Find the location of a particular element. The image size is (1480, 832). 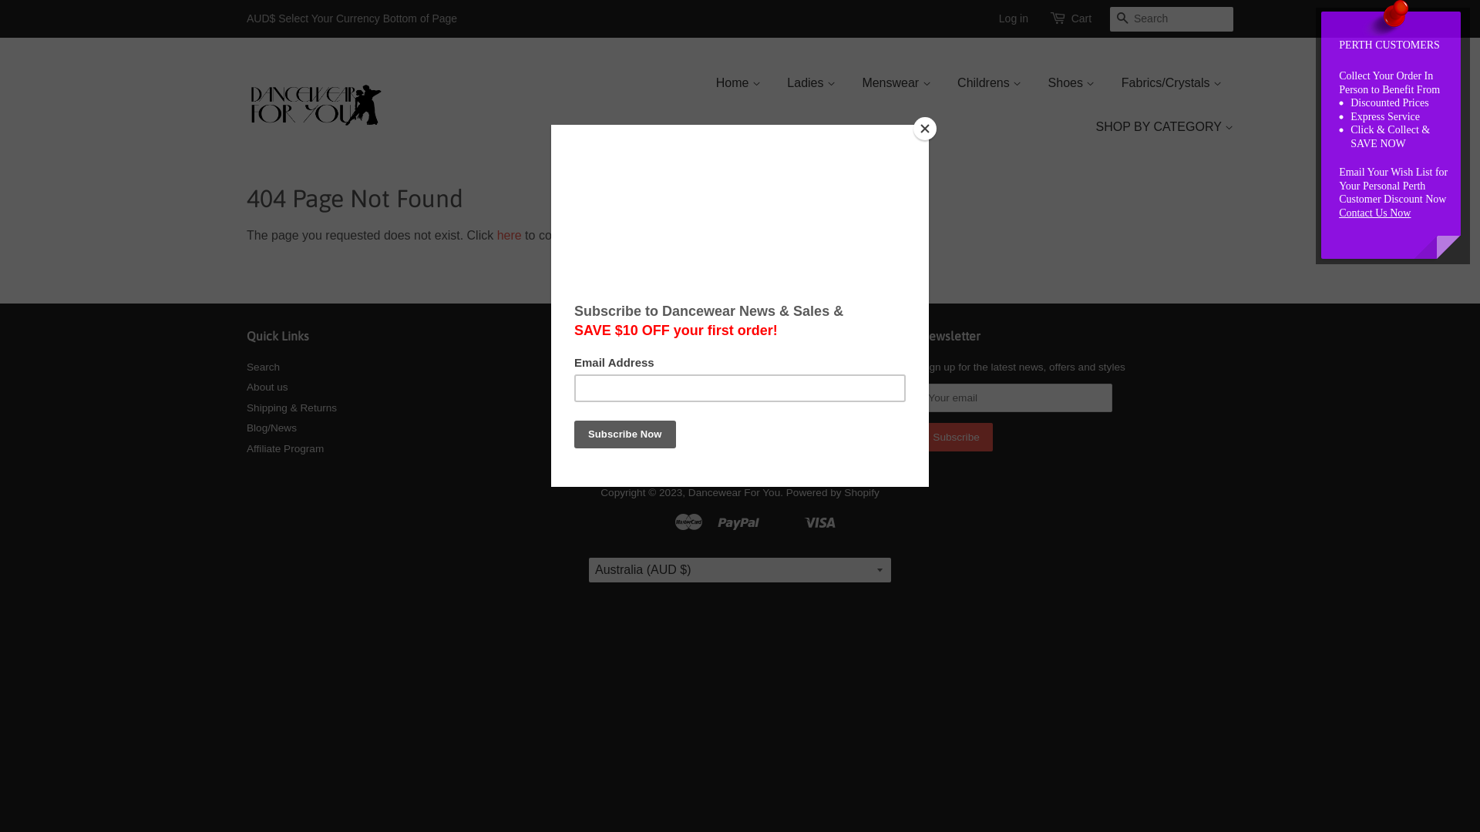

'Subscribe' is located at coordinates (954, 437).